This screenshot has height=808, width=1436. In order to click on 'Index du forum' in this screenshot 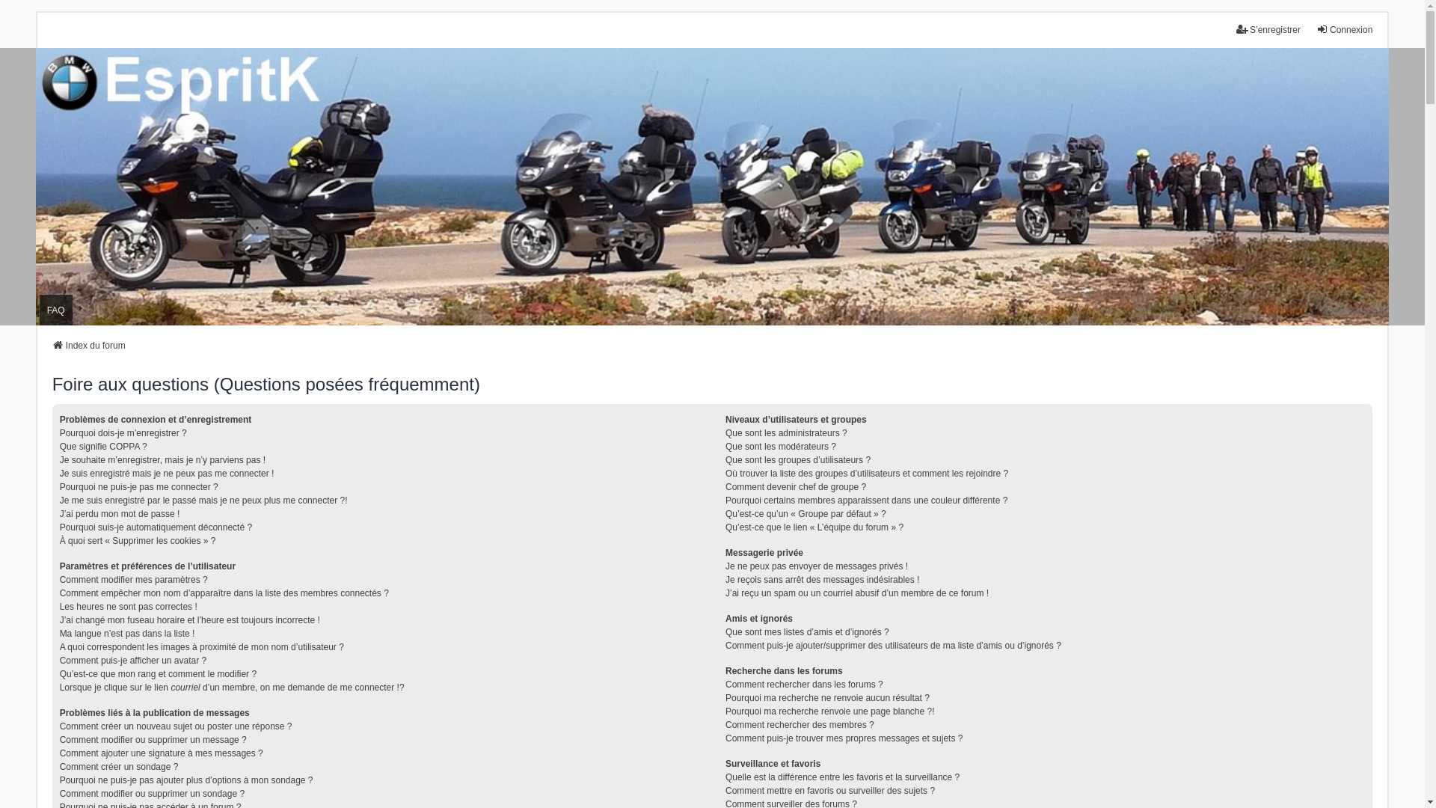, I will do `click(88, 346)`.